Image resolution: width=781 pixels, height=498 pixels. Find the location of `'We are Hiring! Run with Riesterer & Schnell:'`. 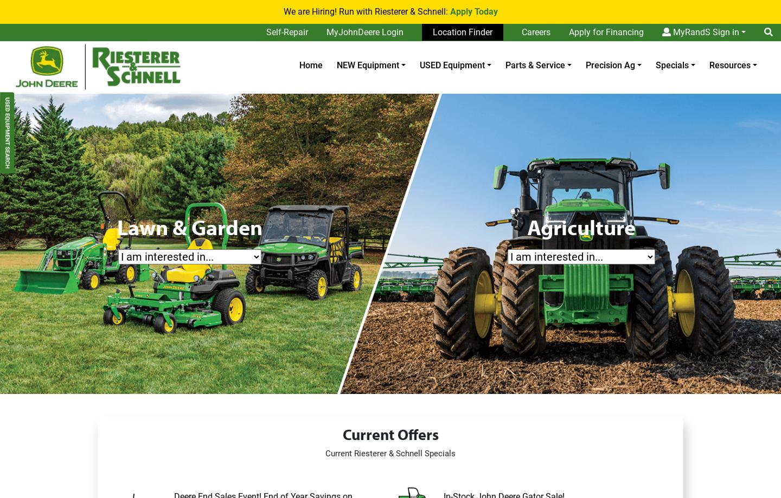

'We are Hiring! Run with Riesterer & Schnell:' is located at coordinates (283, 11).